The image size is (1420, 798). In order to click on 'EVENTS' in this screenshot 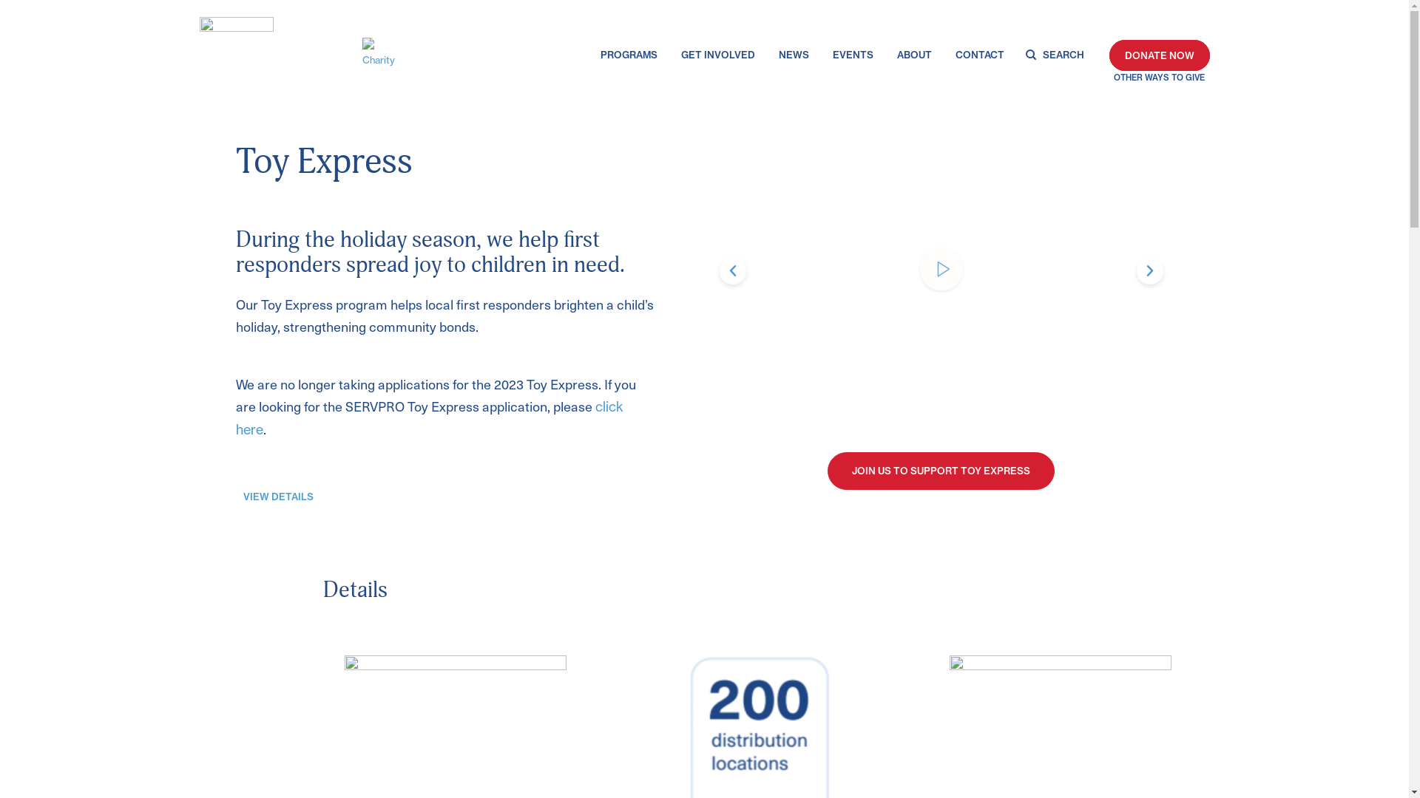, I will do `click(853, 57)`.